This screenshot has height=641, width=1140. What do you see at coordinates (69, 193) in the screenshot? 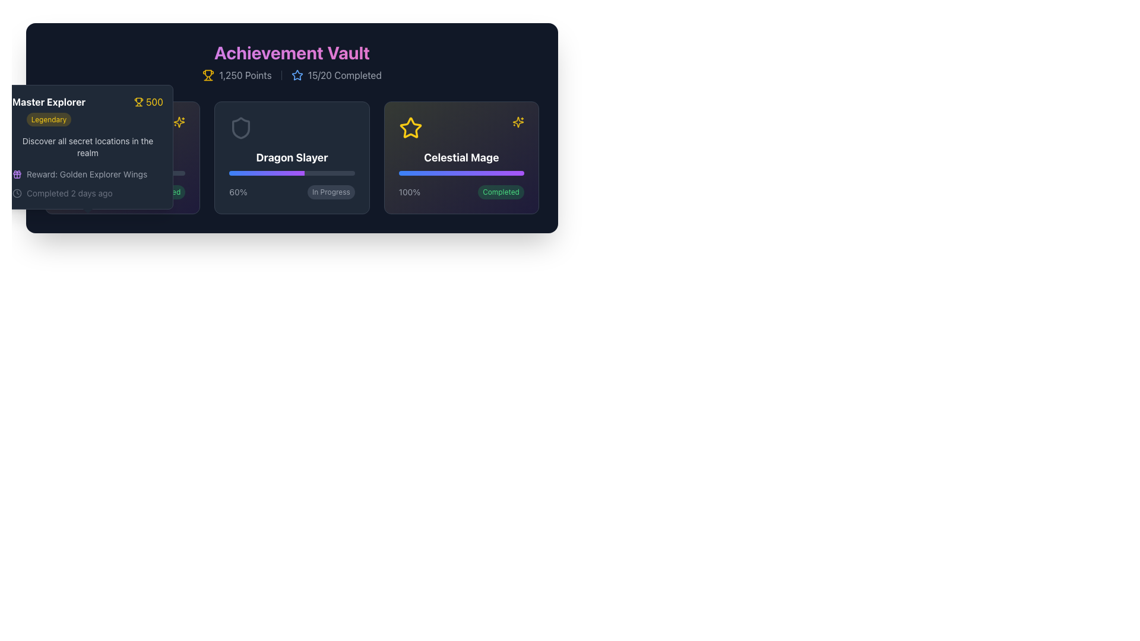
I see `the text label indicating the completion timeframe of the 'Master Explorer' achievement, located at the bottom section of the 'Master Explorer' card, adjacent to the clock icon` at bounding box center [69, 193].